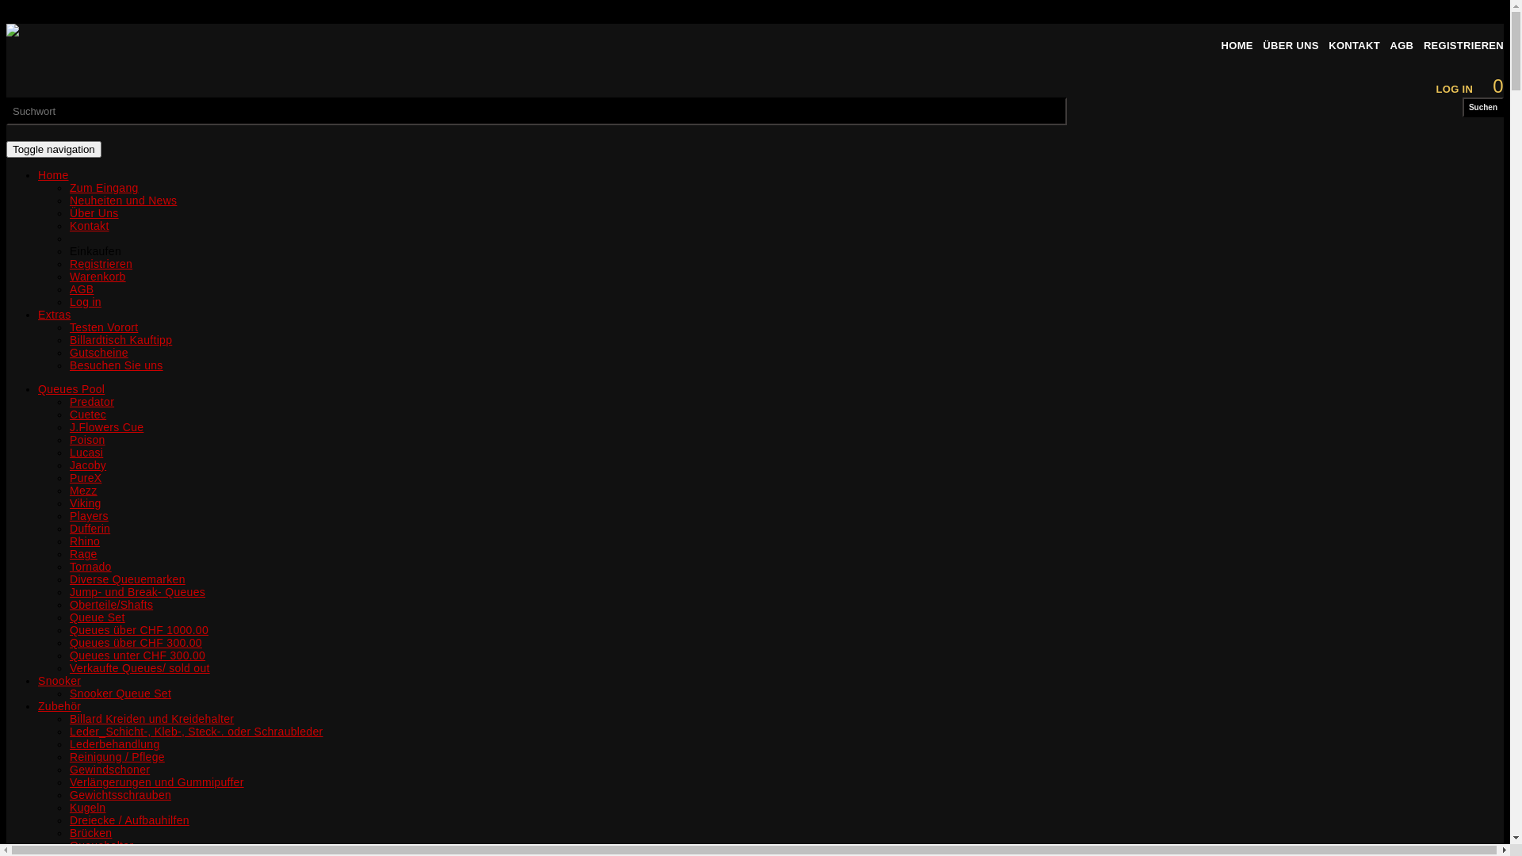 Image resolution: width=1522 pixels, height=856 pixels. Describe the element at coordinates (1463, 44) in the screenshot. I see `'REGISTRIEREN'` at that location.